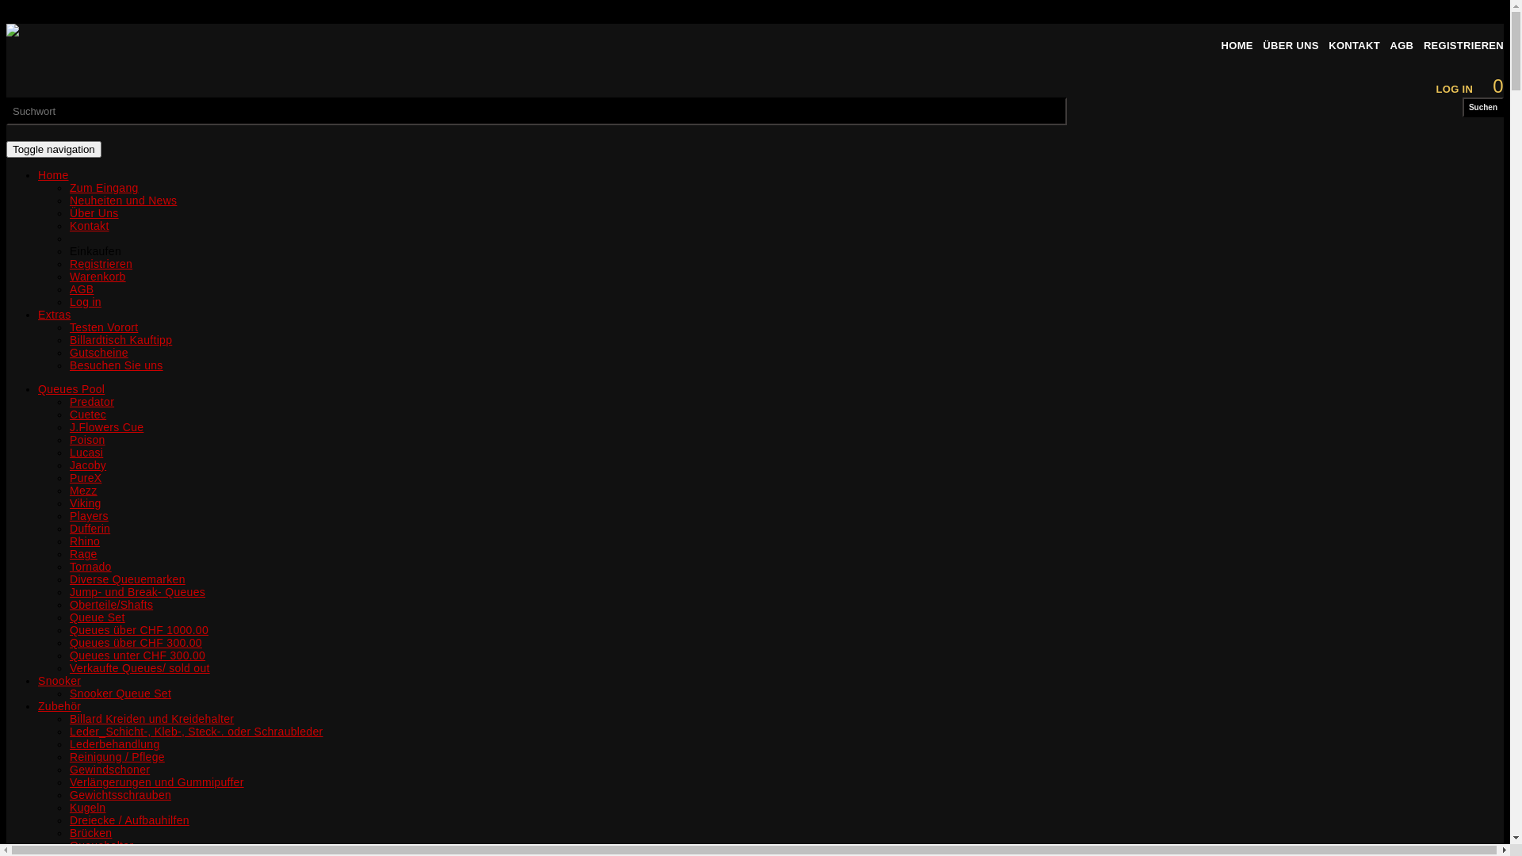 Image resolution: width=1522 pixels, height=856 pixels. Describe the element at coordinates (1463, 44) in the screenshot. I see `'REGISTRIEREN'` at that location.